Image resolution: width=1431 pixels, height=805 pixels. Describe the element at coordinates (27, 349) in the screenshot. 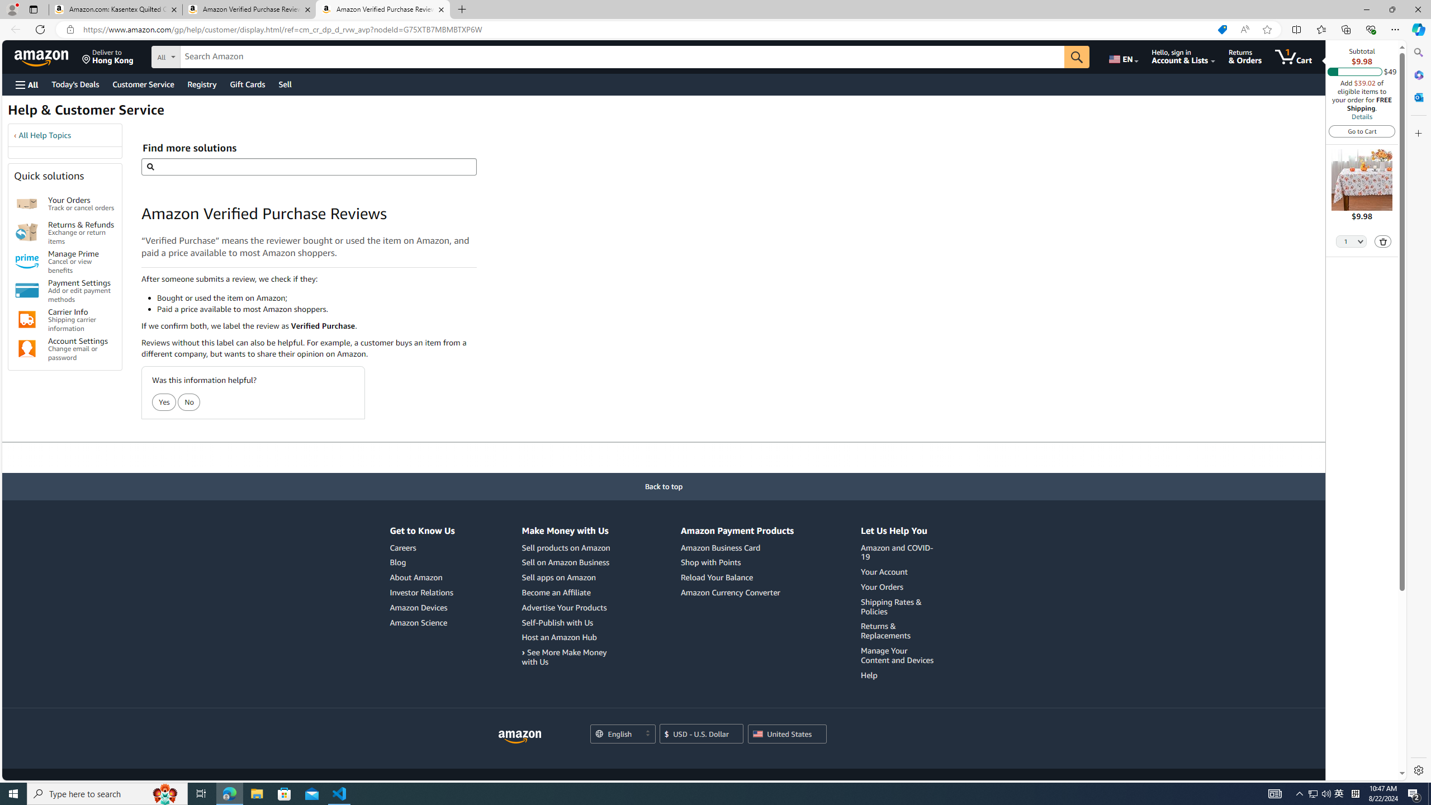

I see `'Account Settings'` at that location.